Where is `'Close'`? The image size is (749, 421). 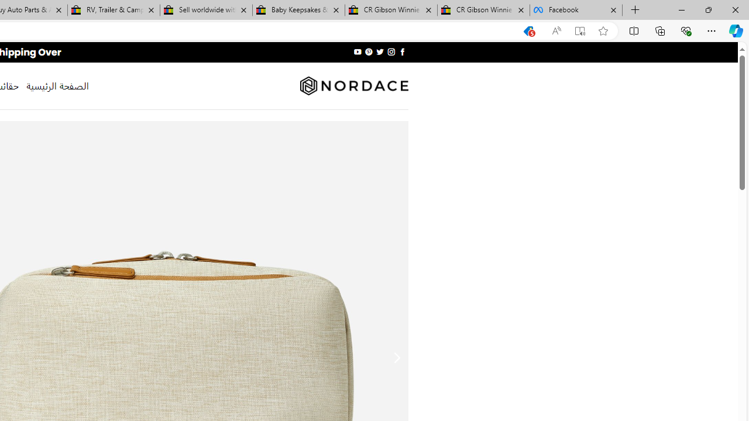 'Close' is located at coordinates (734, 9).